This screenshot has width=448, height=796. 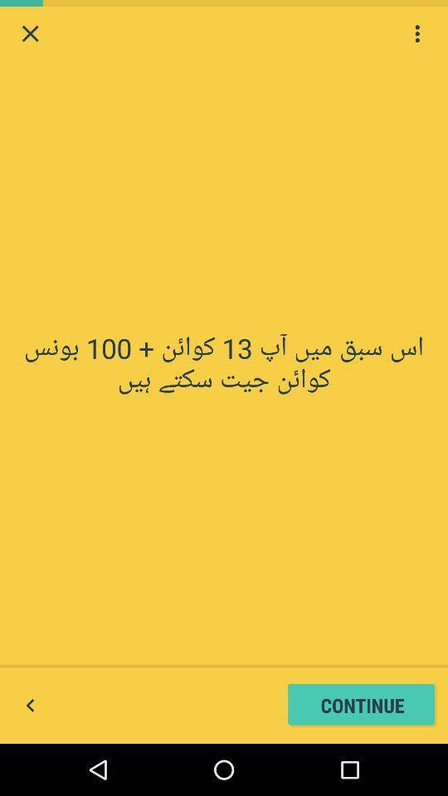 I want to click on the continue button, so click(x=362, y=704).